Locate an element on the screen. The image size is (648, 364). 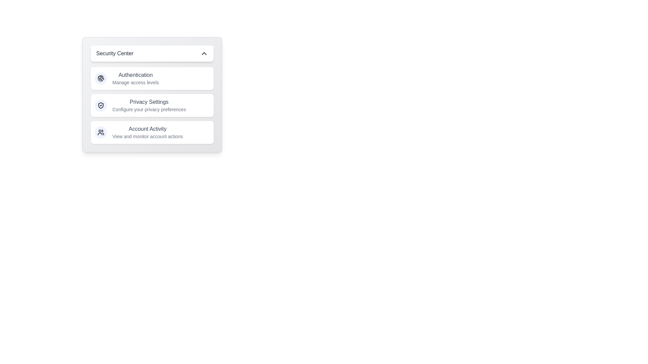
the menu item Authentication to perform the corresponding action is located at coordinates (152, 78).